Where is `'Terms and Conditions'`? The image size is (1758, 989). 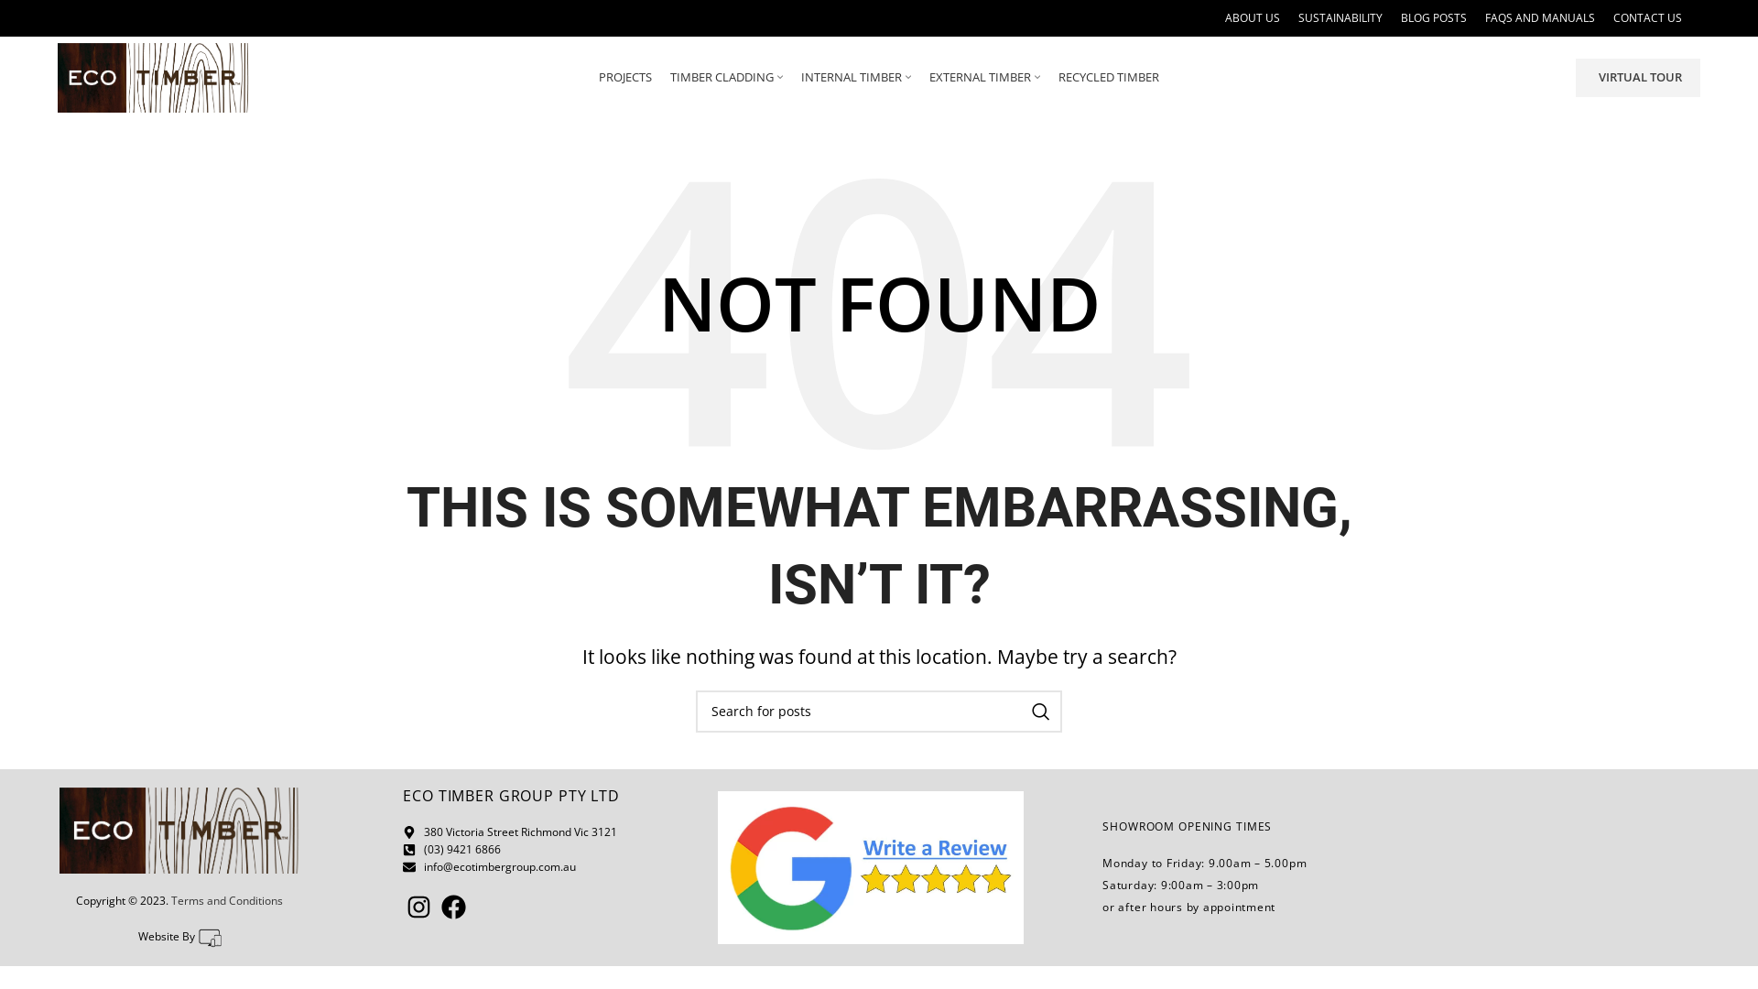 'Terms and Conditions' is located at coordinates (226, 899).